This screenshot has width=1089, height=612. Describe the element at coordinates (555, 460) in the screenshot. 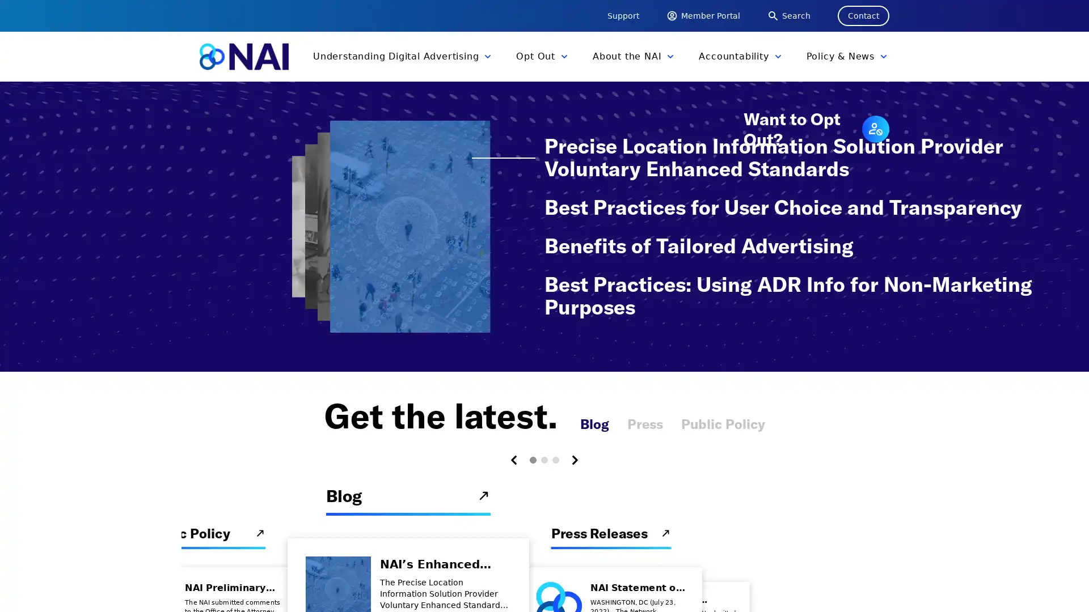

I see `Carousel Page 3` at that location.